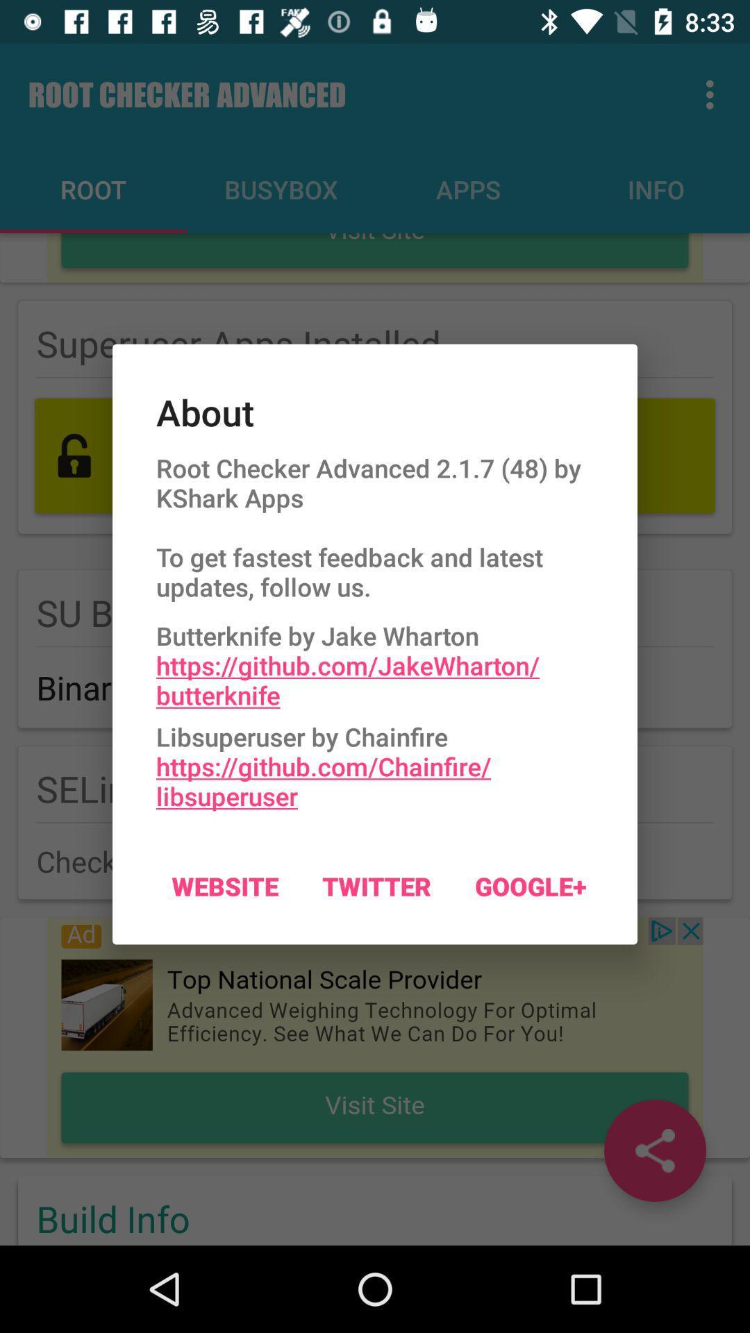 The height and width of the screenshot is (1333, 750). I want to click on libsuperuser by chainfire icon, so click(375, 762).